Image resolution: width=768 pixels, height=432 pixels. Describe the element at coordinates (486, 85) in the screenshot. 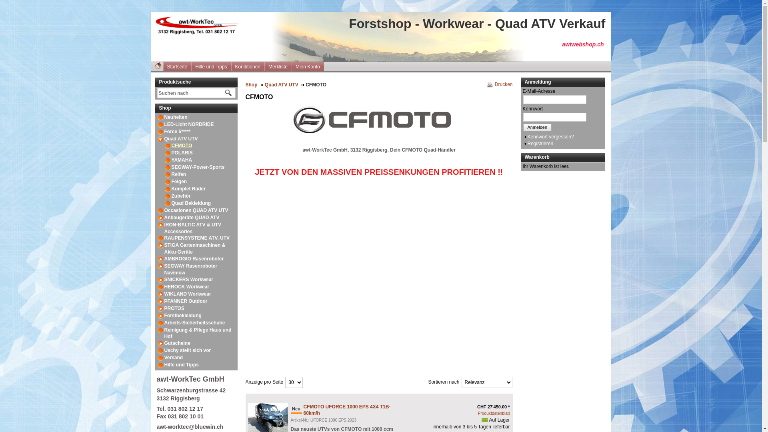

I see `'Drucken'` at that location.